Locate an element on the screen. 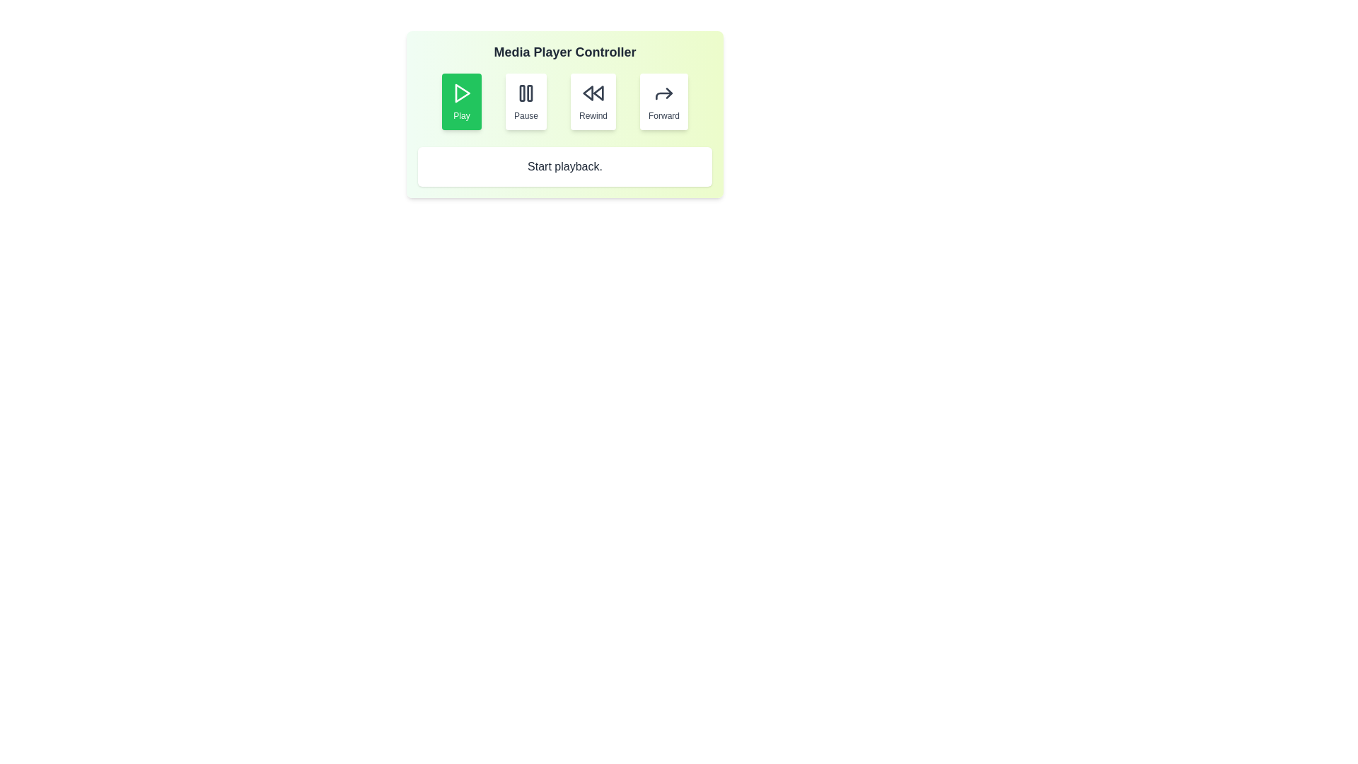 The image size is (1358, 764). the Forward button to perform the corresponding playback action is located at coordinates (663, 100).